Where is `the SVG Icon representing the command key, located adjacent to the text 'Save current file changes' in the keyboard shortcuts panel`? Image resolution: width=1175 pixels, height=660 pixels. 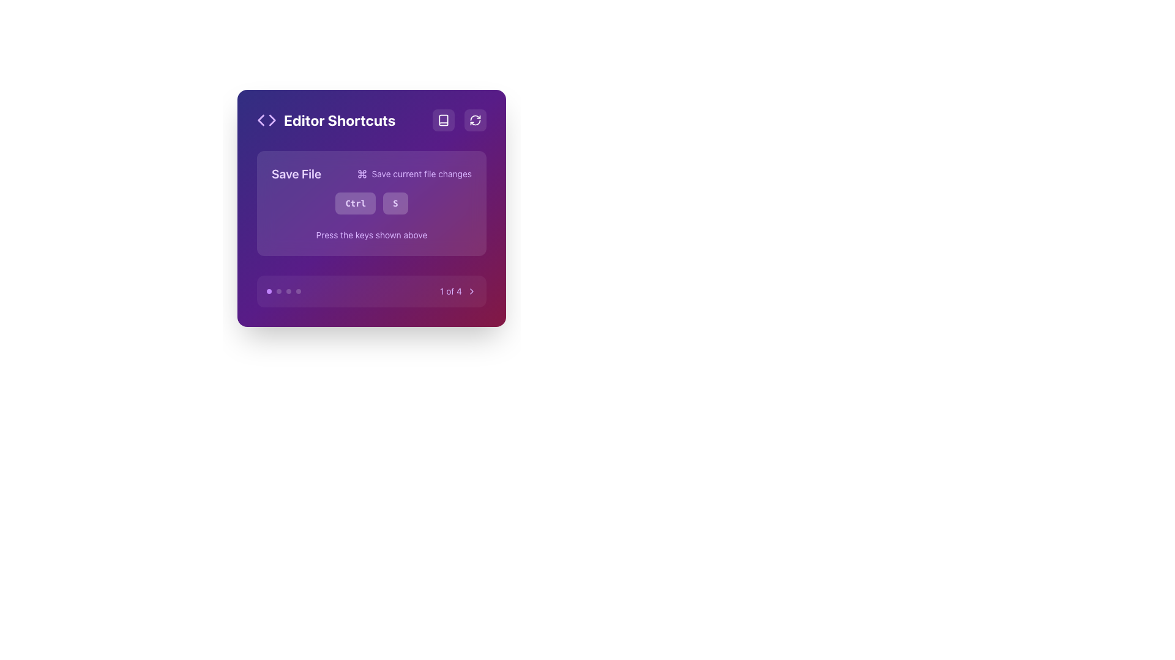
the SVG Icon representing the command key, located adjacent to the text 'Save current file changes' in the keyboard shortcuts panel is located at coordinates (361, 174).